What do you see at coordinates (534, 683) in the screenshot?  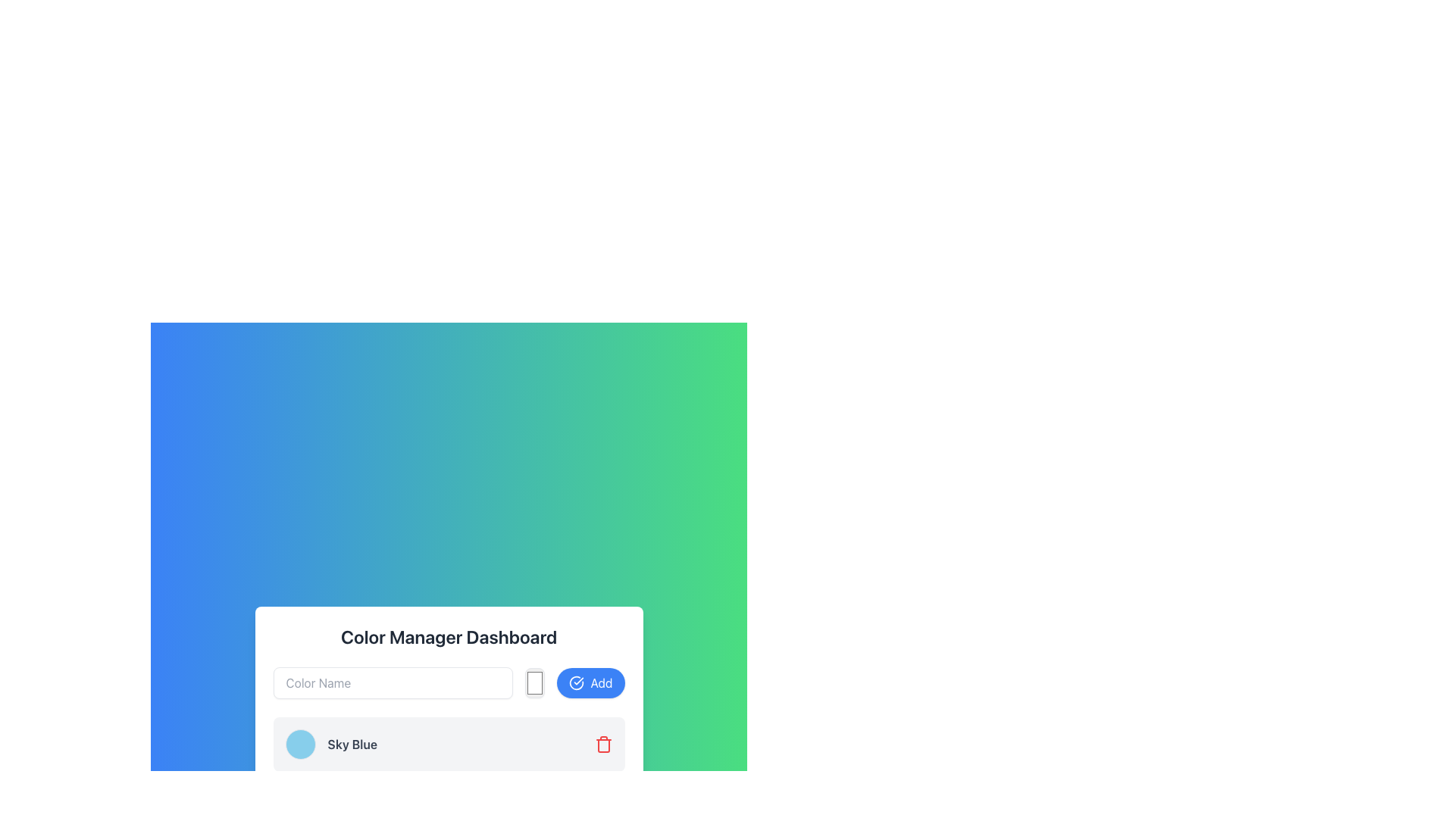 I see `the Color Picker button located between the 'Color Name' text input and the 'Add' button near the lower-middle section of the interface` at bounding box center [534, 683].